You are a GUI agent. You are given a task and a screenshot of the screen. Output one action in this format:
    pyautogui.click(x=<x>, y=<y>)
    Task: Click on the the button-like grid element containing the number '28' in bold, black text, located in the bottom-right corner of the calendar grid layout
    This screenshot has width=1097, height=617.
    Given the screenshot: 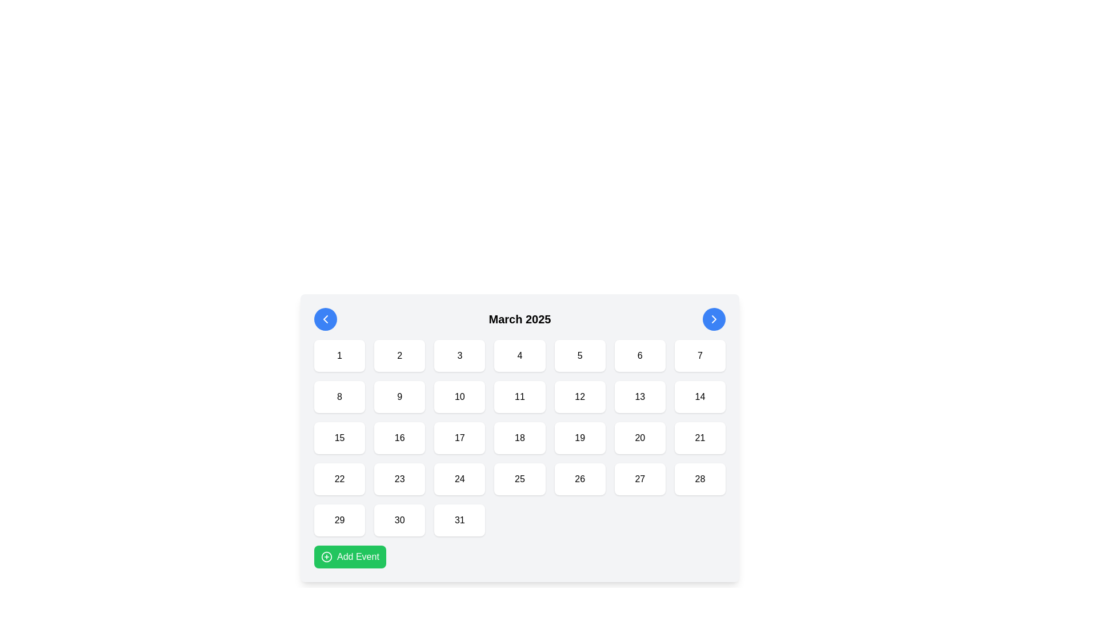 What is the action you would take?
    pyautogui.click(x=699, y=479)
    